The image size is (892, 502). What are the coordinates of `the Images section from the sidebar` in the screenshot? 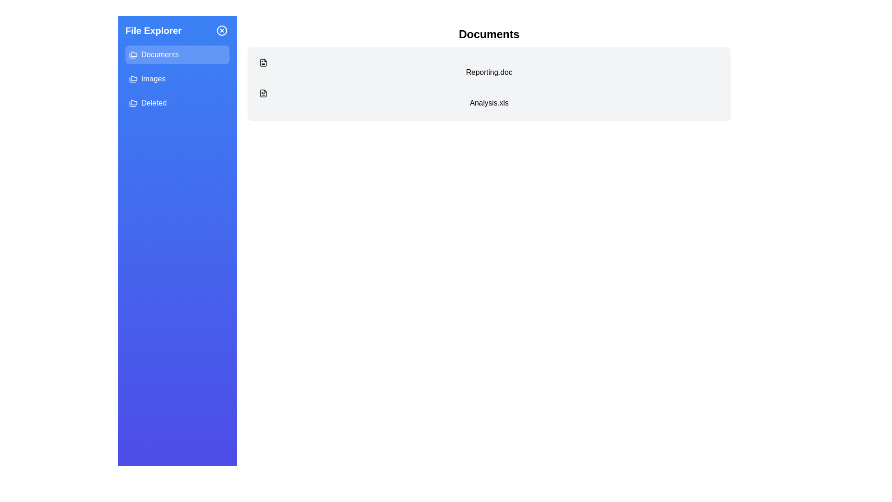 It's located at (177, 78).